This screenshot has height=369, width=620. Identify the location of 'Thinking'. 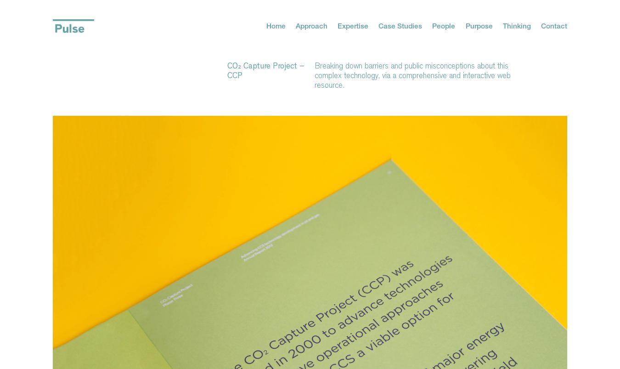
(516, 25).